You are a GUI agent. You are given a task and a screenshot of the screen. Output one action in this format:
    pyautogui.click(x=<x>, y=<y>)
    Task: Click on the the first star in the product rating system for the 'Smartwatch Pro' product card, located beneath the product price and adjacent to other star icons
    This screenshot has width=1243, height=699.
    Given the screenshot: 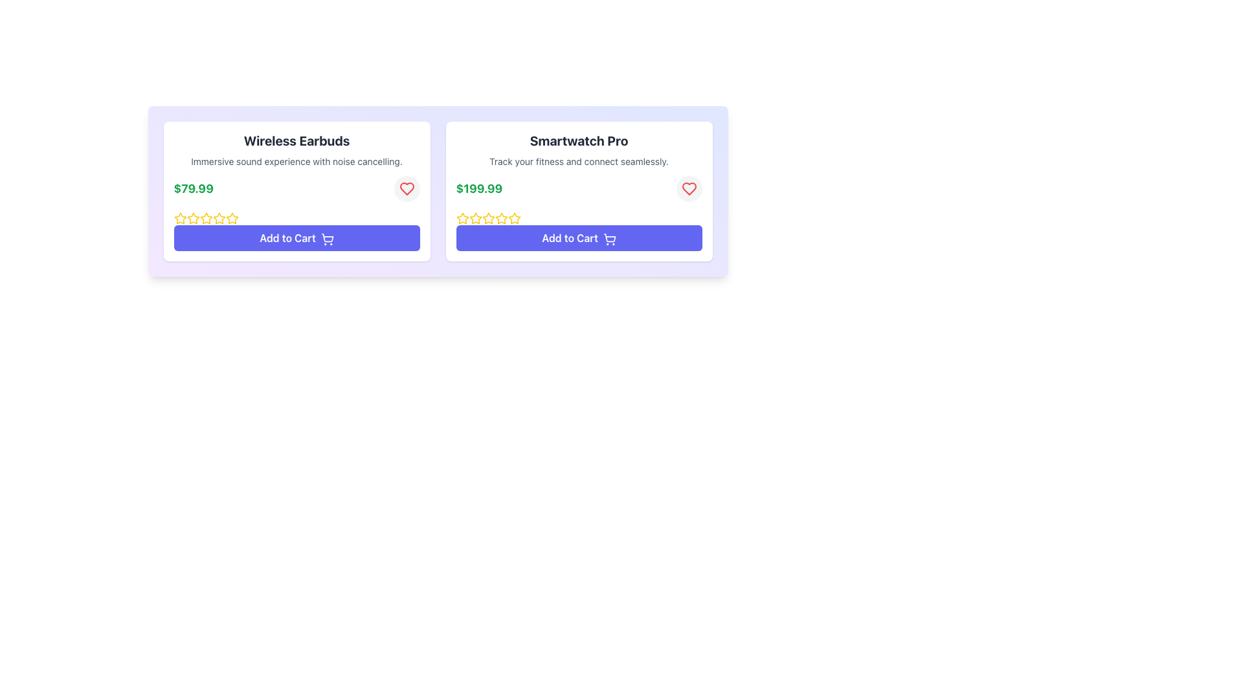 What is the action you would take?
    pyautogui.click(x=462, y=218)
    